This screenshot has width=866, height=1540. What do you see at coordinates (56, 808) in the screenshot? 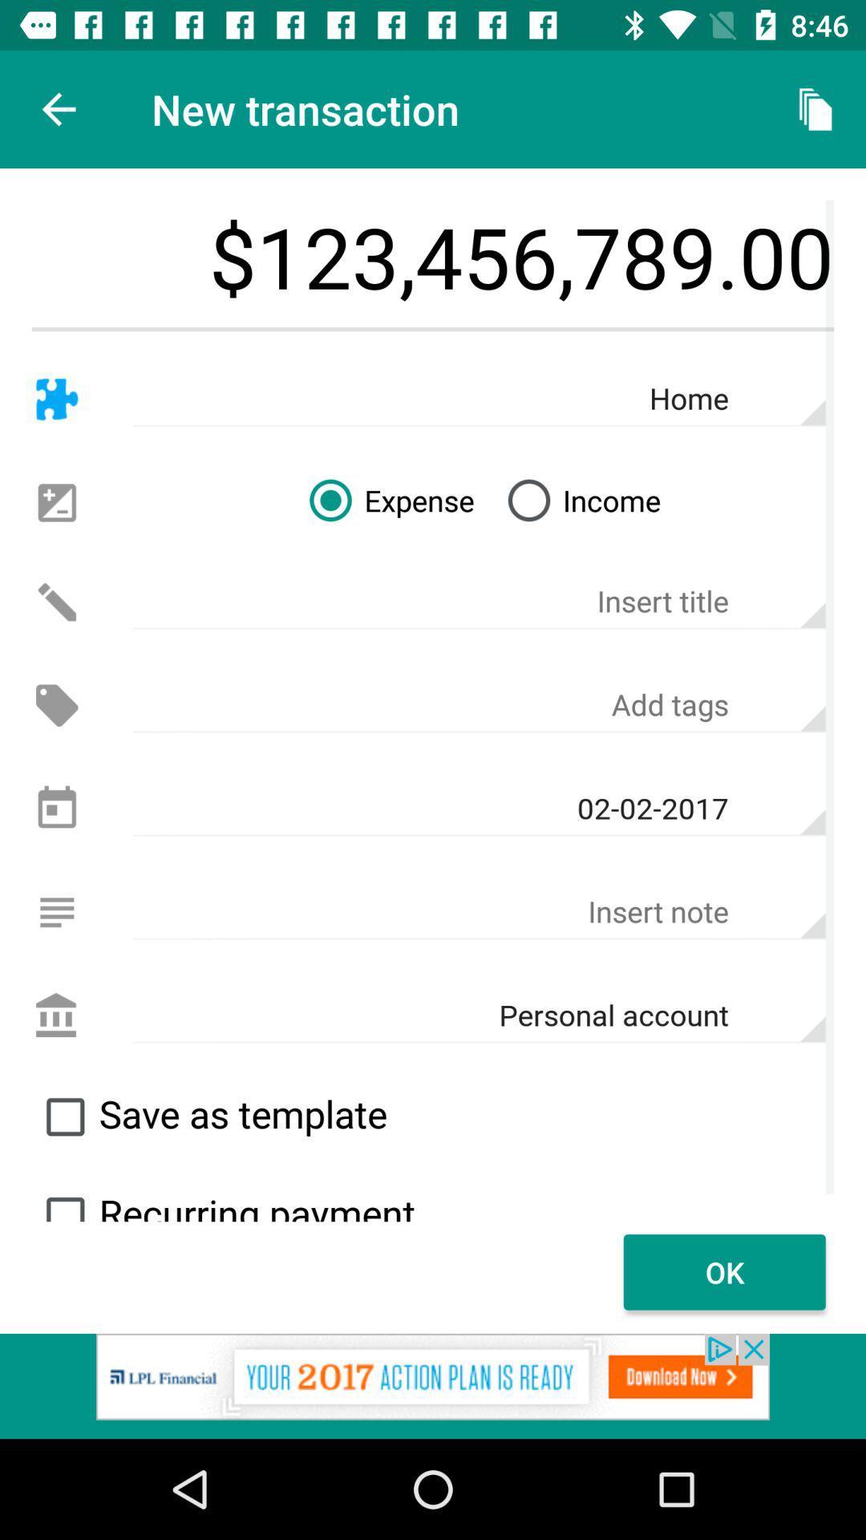
I see `date setting` at bounding box center [56, 808].